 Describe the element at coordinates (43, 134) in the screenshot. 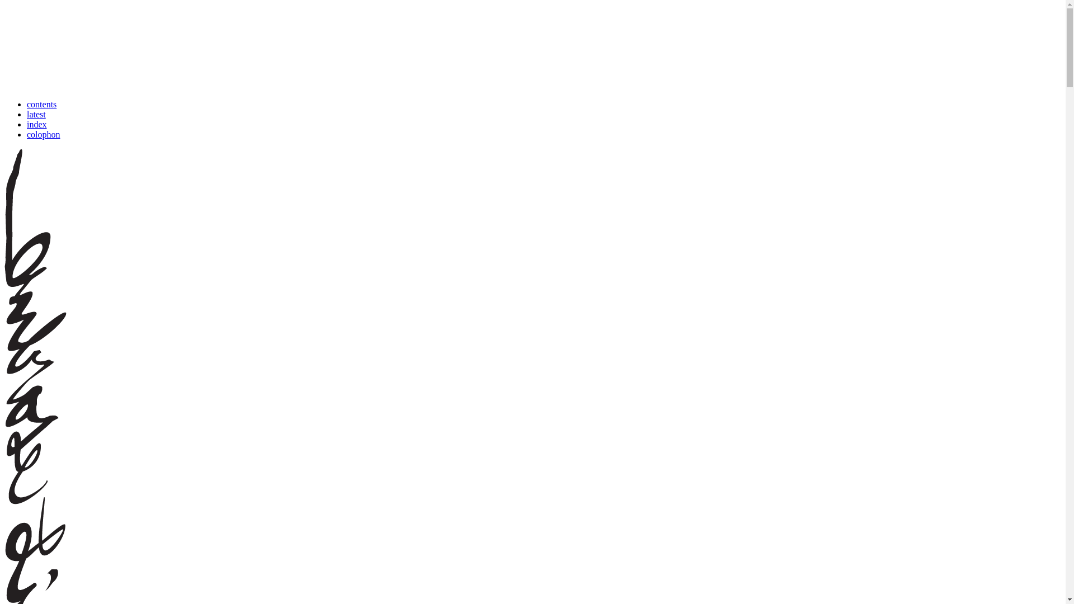

I see `'colophon'` at that location.